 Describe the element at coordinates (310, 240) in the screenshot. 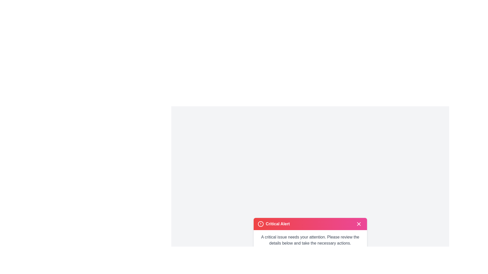

I see `informational static text content located within the notification card, positioned below the 'Critical Alert' title` at that location.